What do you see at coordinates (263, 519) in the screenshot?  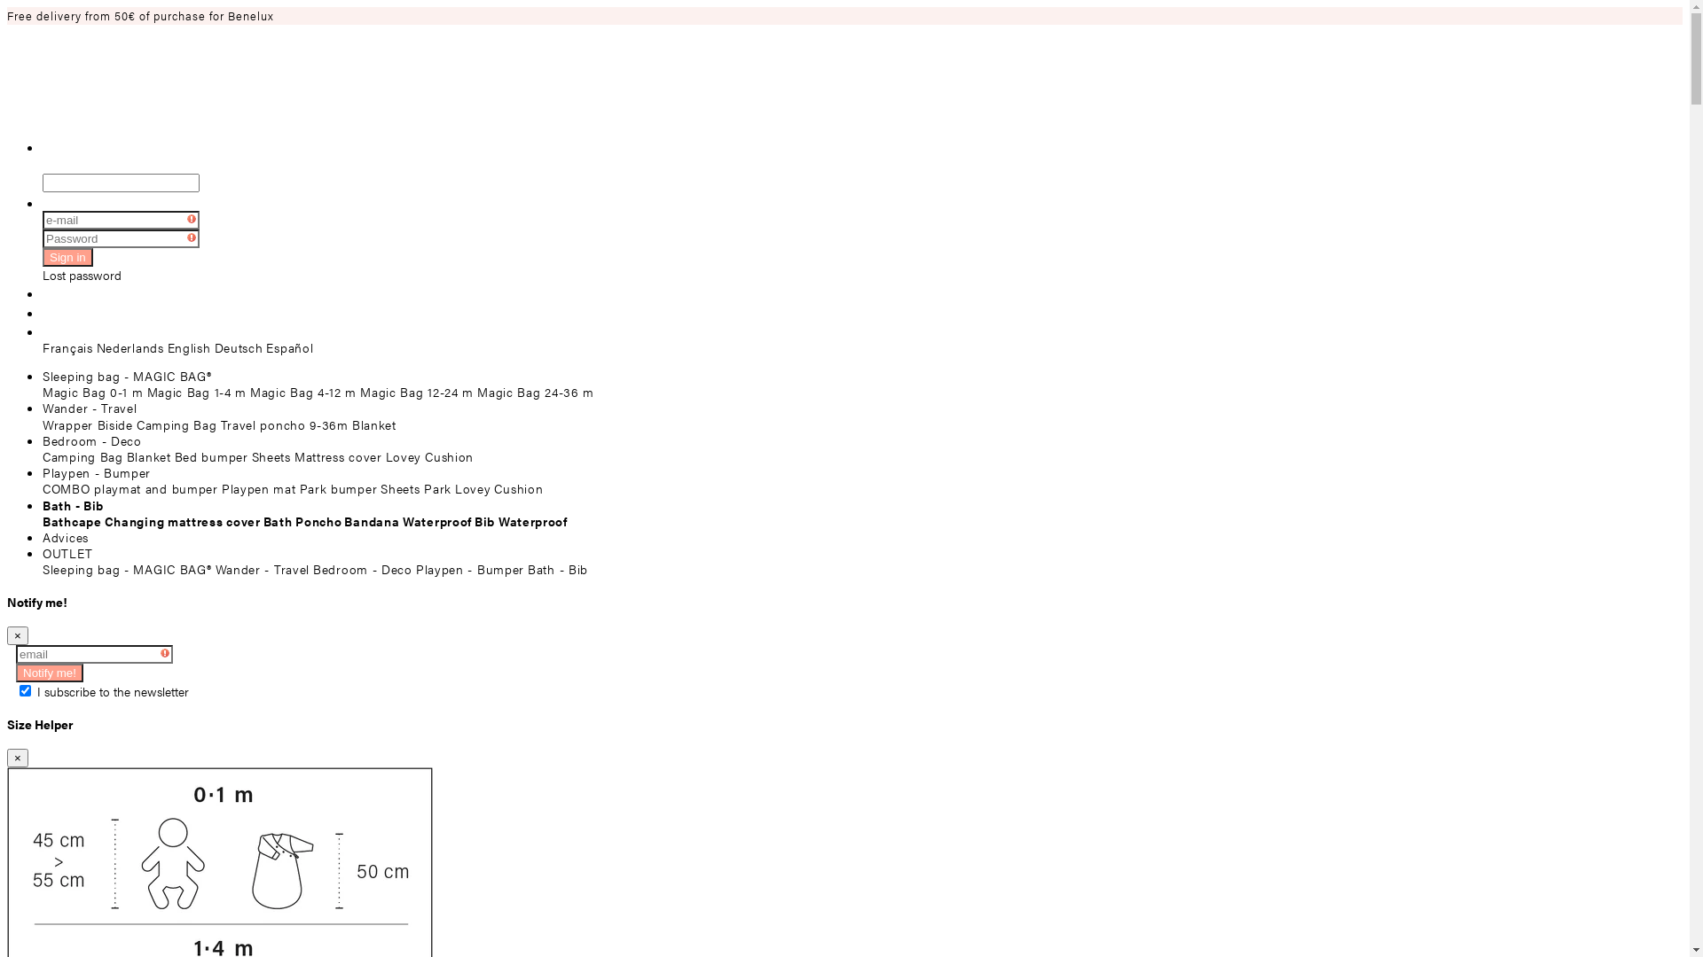 I see `'Bath Poncho'` at bounding box center [263, 519].